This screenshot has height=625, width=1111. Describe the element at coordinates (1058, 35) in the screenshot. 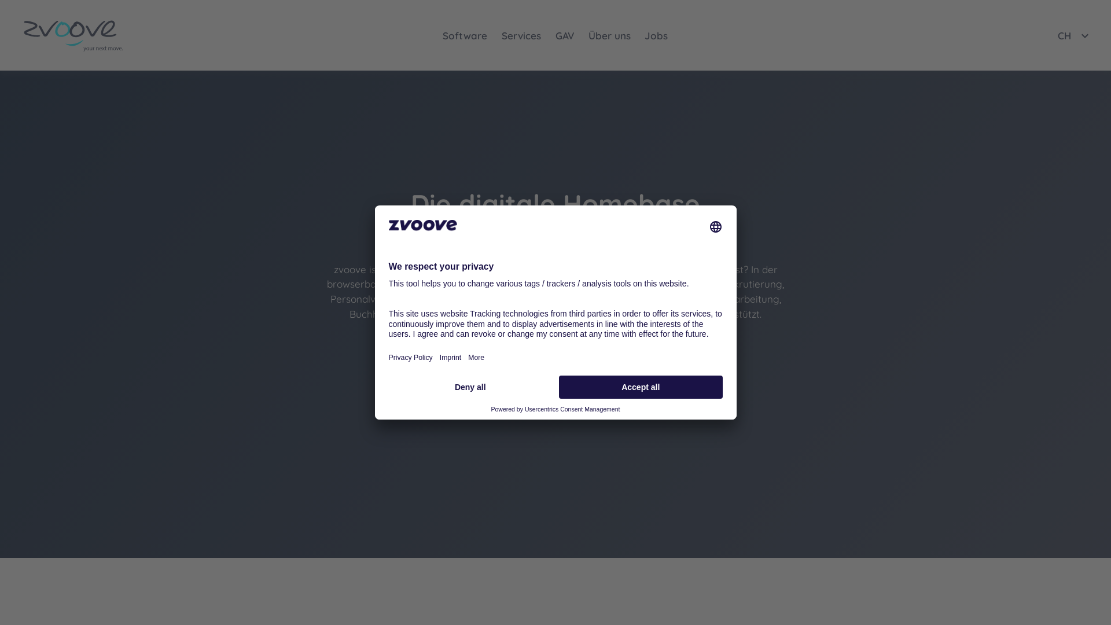

I see `'CH` at that location.